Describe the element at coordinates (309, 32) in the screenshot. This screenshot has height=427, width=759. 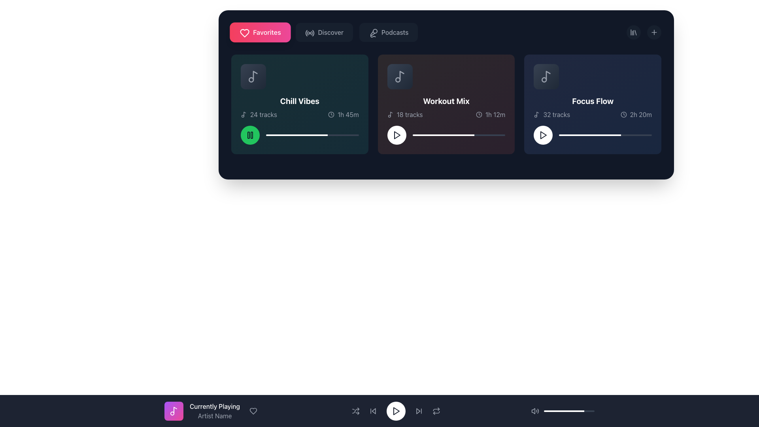
I see `the decorative icon that enhances the visual appeal of the 'Discover' menu option, located immediately following the 'Favorites' button in the navigation bar` at that location.